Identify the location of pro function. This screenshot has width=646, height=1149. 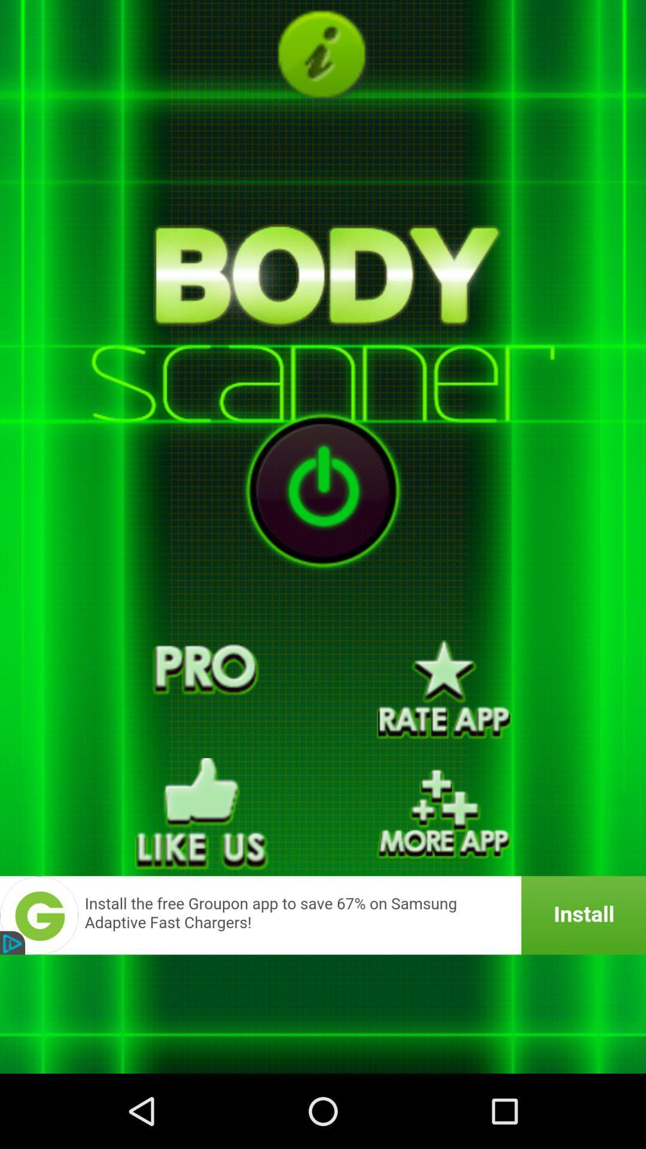
(201, 689).